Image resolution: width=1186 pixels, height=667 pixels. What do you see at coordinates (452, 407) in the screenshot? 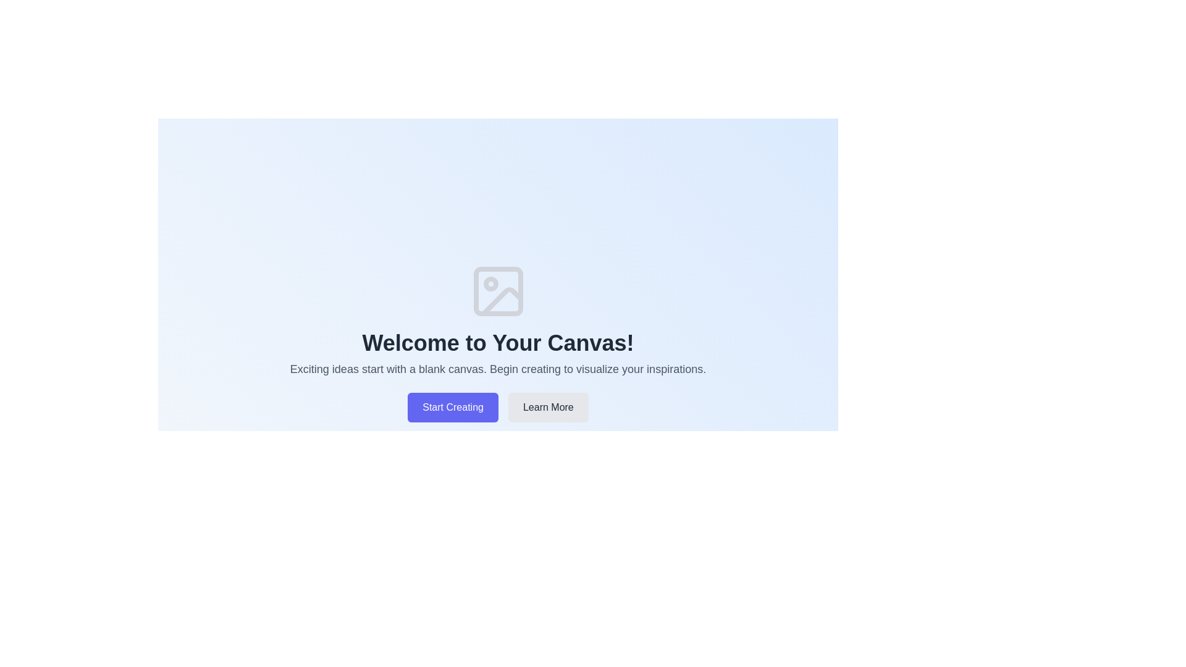
I see `the 'Start Creating' button, which is the leftmost button with a vibrant indigo-blue background and white text, located beneath the introductory text 'Welcome to Your Canvas!'` at bounding box center [452, 407].